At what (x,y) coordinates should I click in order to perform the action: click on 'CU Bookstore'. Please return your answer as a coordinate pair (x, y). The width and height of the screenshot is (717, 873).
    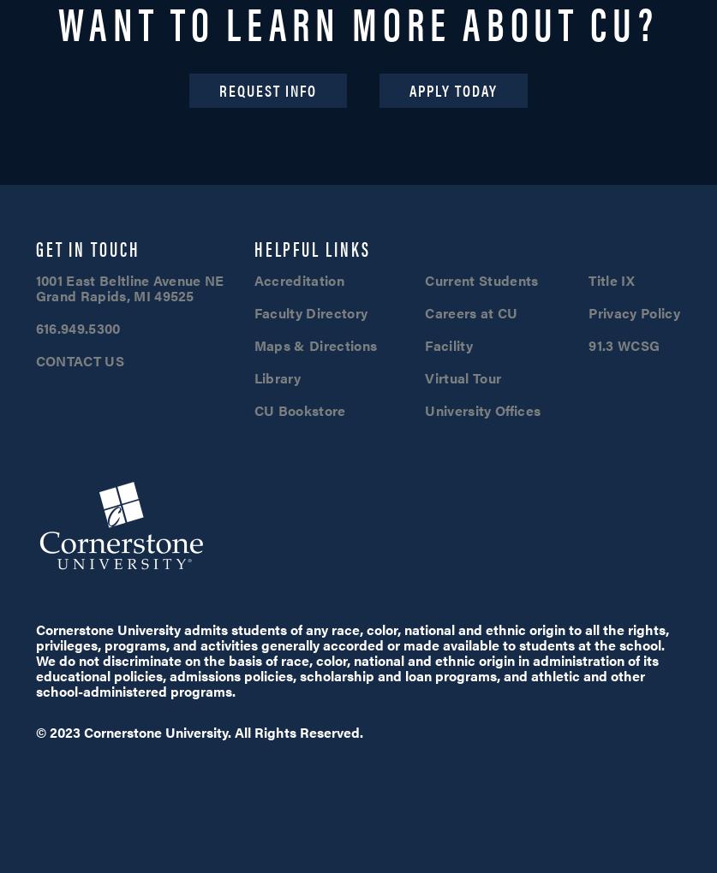
    Looking at the image, I should click on (299, 409).